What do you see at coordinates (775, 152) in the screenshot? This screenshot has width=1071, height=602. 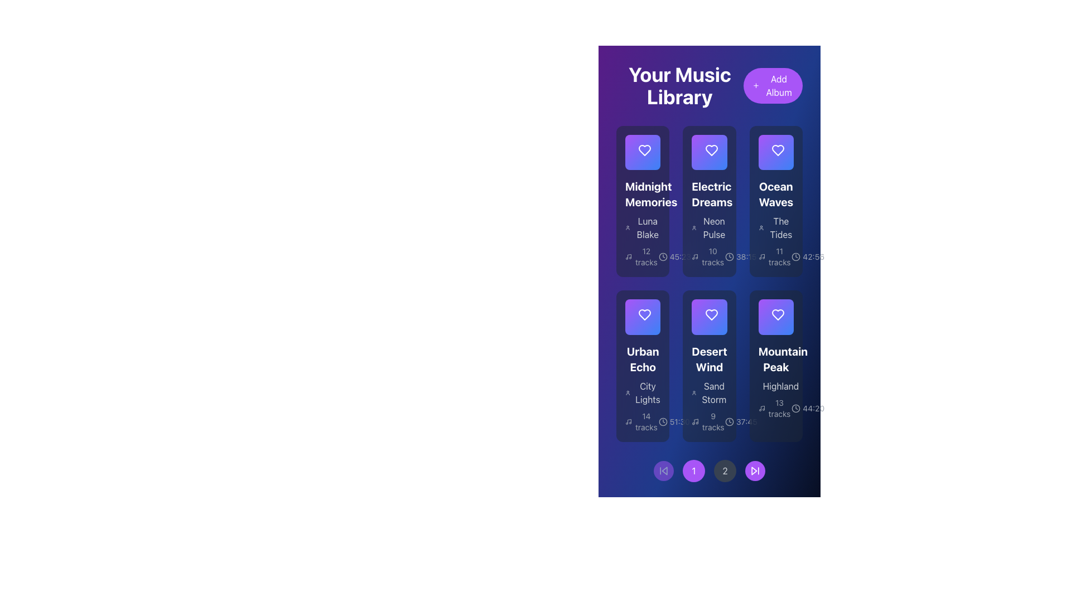 I see `the 'favorite' button within the 'Ocean Waves' card to observe its hover effects` at bounding box center [775, 152].